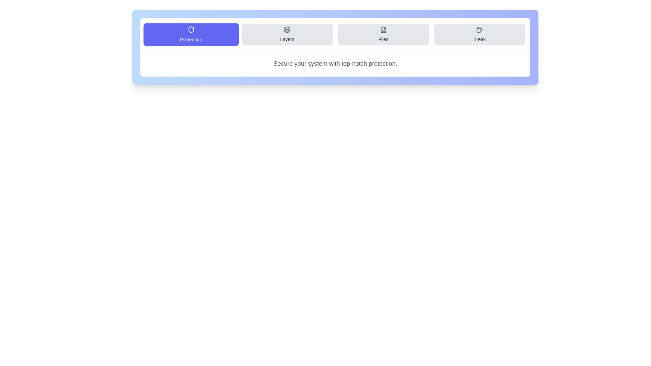  What do you see at coordinates (383, 29) in the screenshot?
I see `the icon of the Files tab` at bounding box center [383, 29].